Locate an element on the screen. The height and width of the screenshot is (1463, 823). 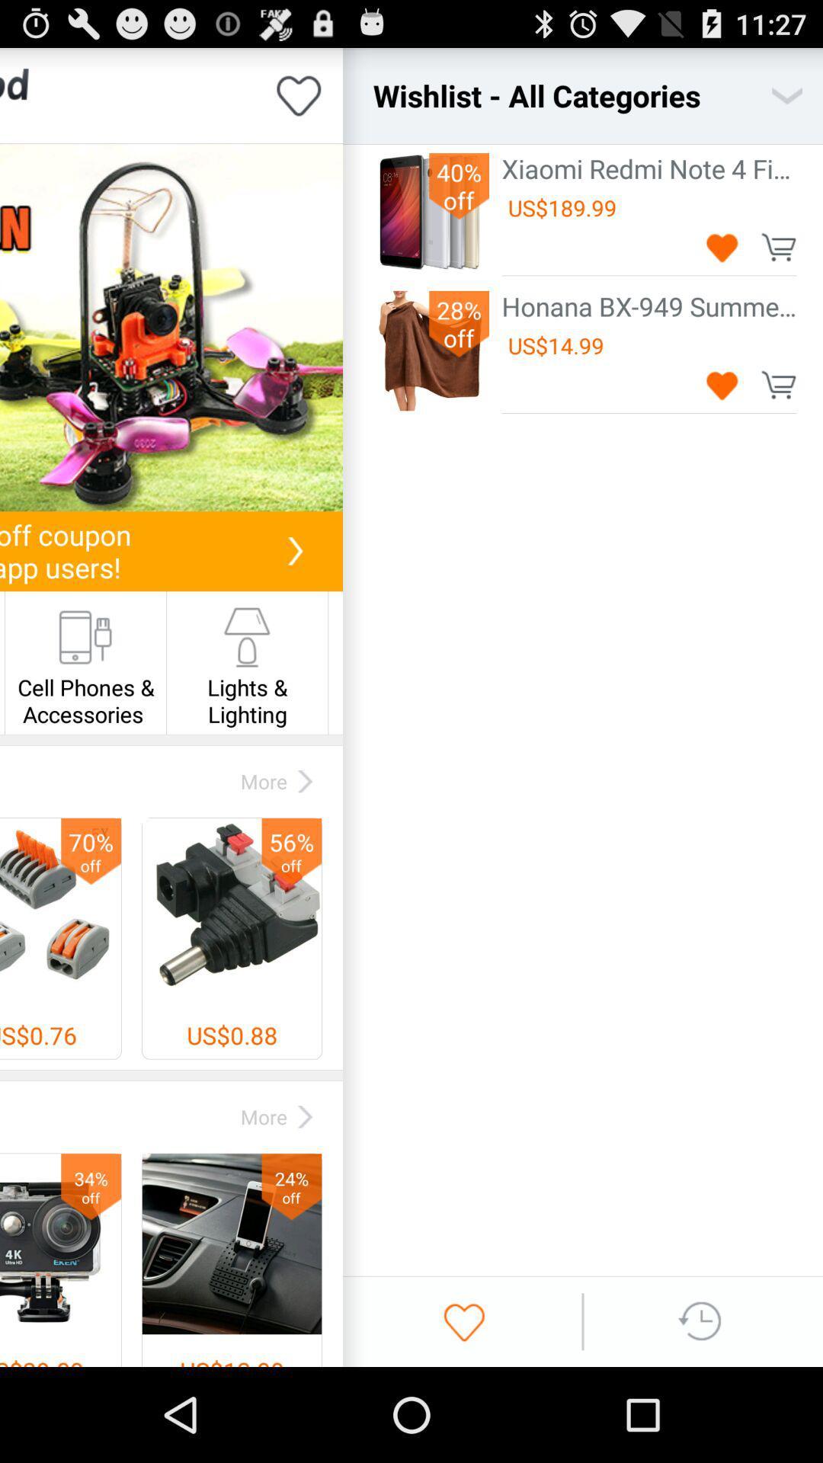
categories is located at coordinates (787, 94).